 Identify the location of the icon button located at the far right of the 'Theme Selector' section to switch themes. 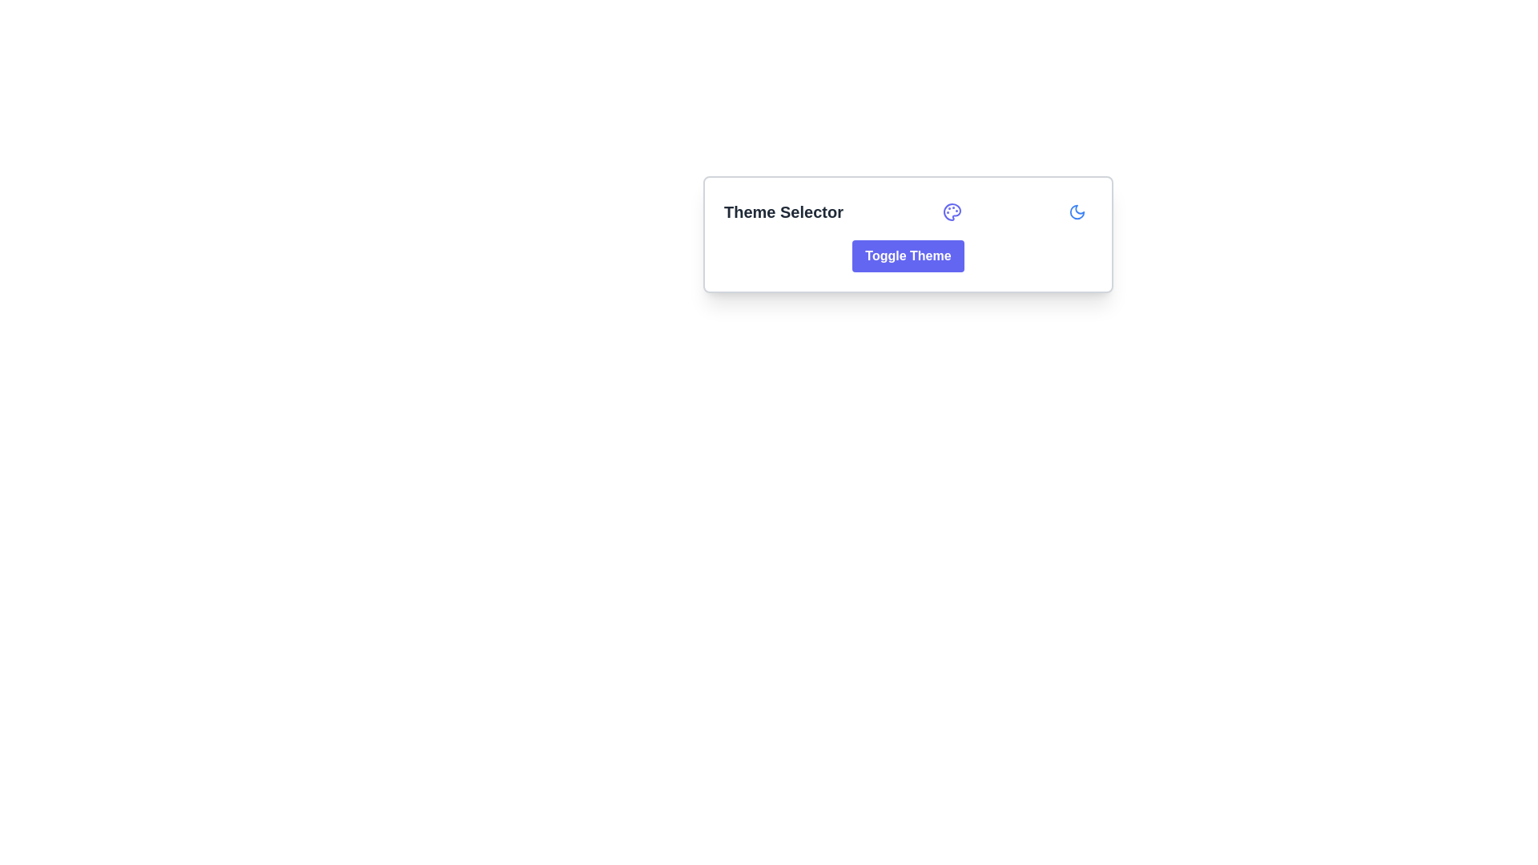
(1077, 211).